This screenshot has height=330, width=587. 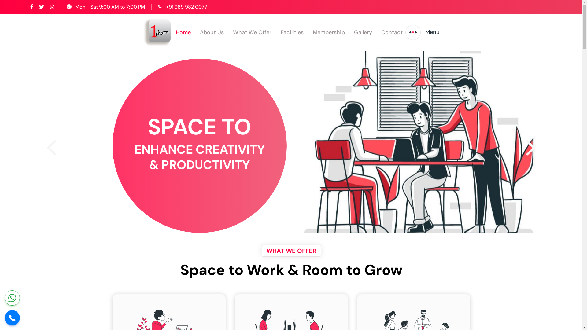 What do you see at coordinates (252, 32) in the screenshot?
I see `'What We Offer'` at bounding box center [252, 32].